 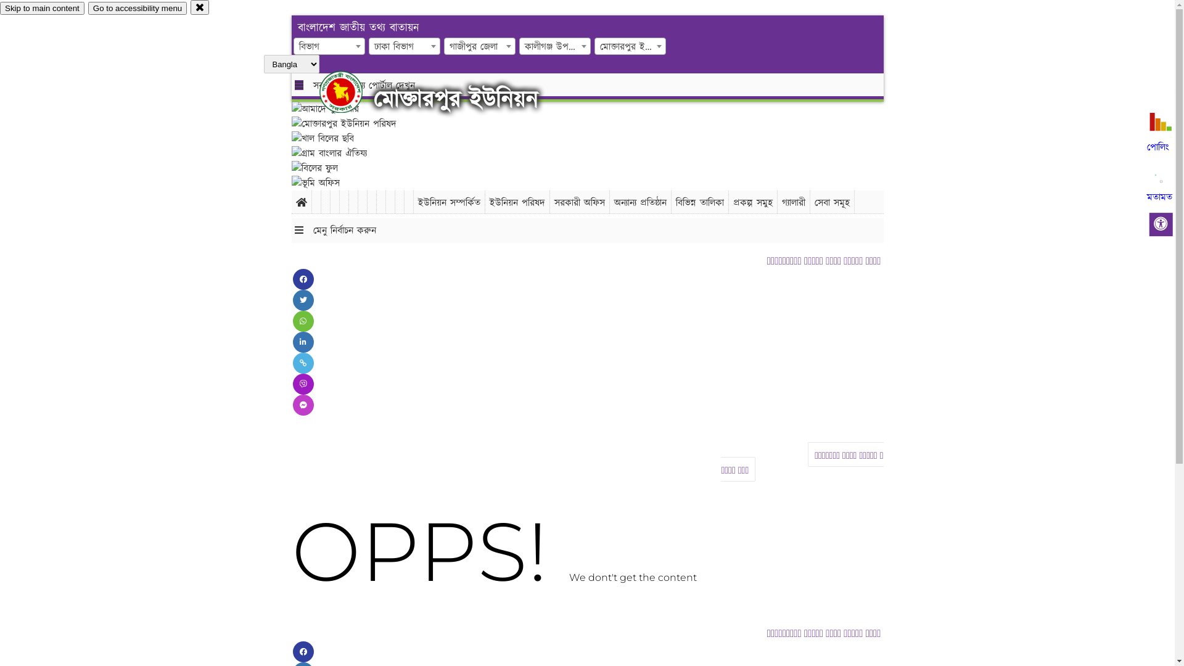 What do you see at coordinates (200, 7) in the screenshot?
I see `'close'` at bounding box center [200, 7].